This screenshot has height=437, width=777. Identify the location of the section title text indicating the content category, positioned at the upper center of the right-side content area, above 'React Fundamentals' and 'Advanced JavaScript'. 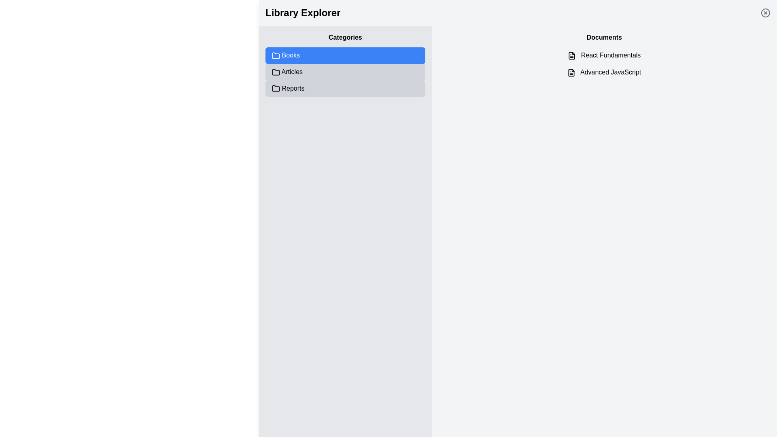
(604, 37).